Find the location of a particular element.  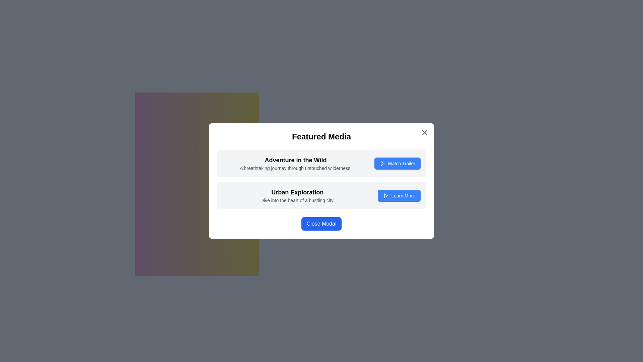

text in the title and description area of the modal dialog box titled 'Featured Media', located in the upper section of the modal, specifically in the first slot of a list-like structure is located at coordinates (295, 164).